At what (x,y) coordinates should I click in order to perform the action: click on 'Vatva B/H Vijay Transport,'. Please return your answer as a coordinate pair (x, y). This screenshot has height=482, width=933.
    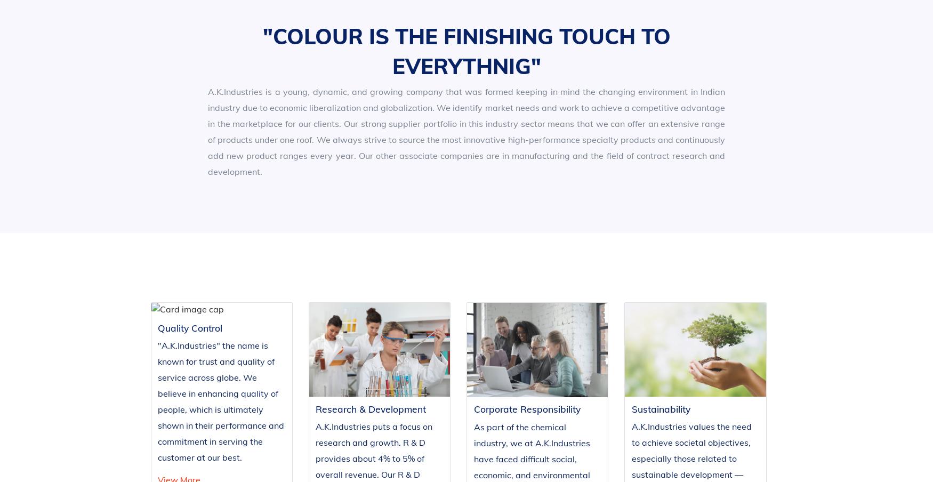
    Looking at the image, I should click on (687, 428).